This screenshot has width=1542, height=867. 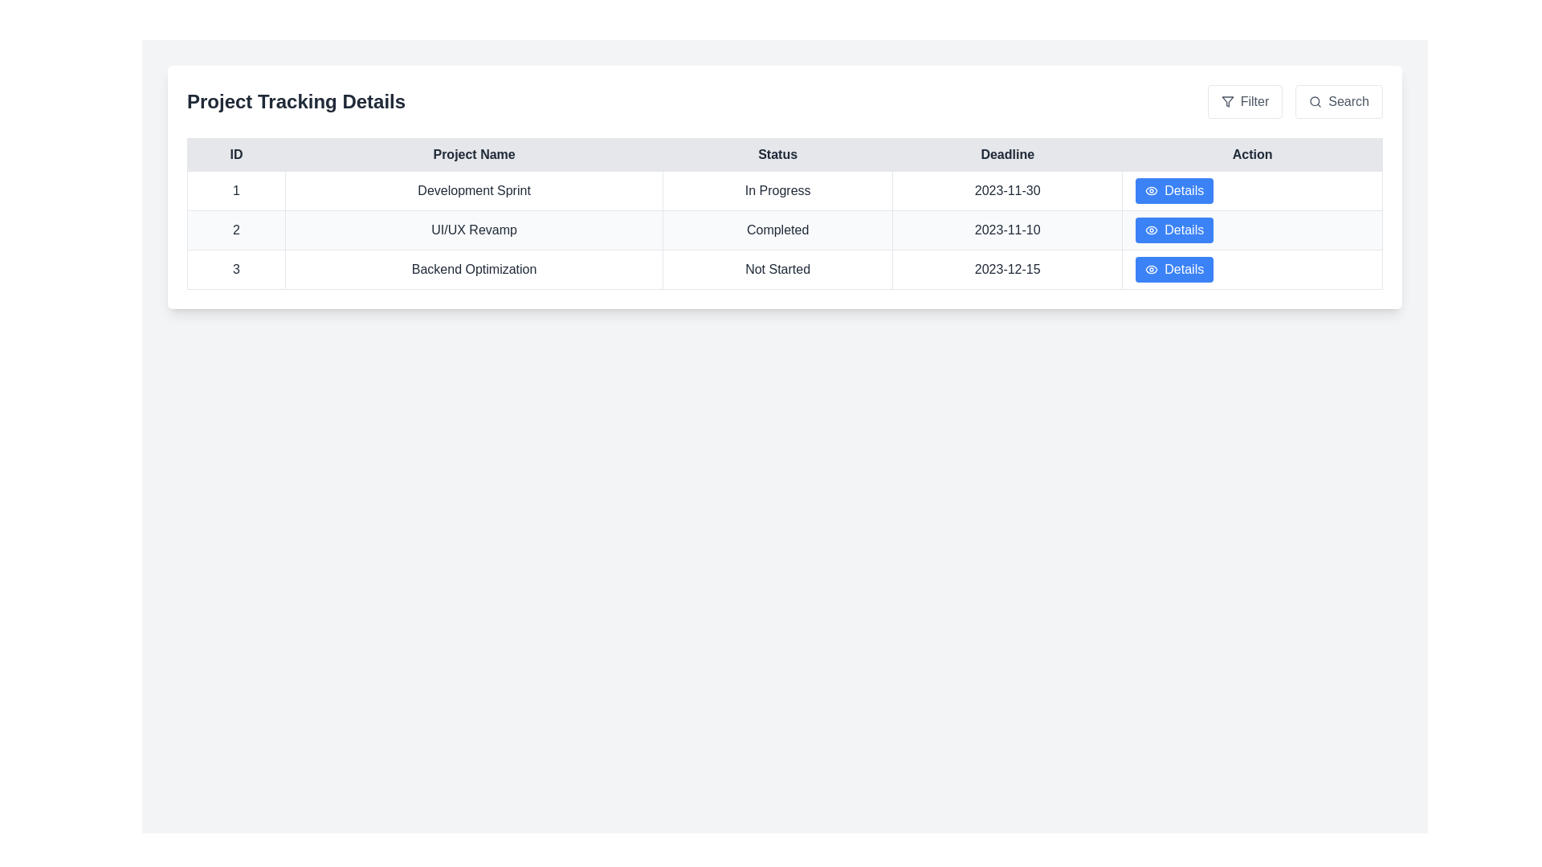 I want to click on the second button, so click(x=1338, y=102).